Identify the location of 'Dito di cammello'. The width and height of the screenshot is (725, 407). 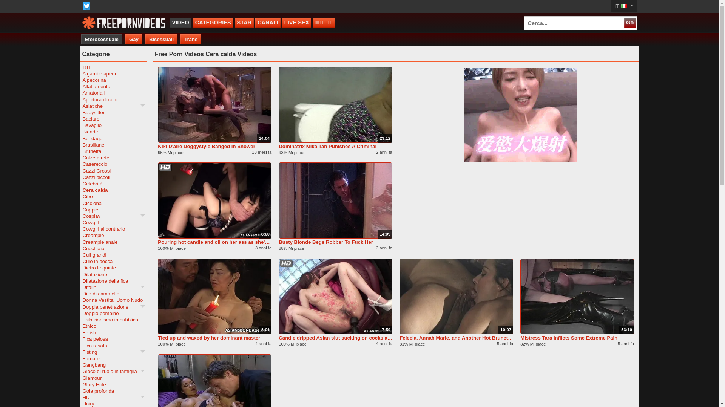
(113, 293).